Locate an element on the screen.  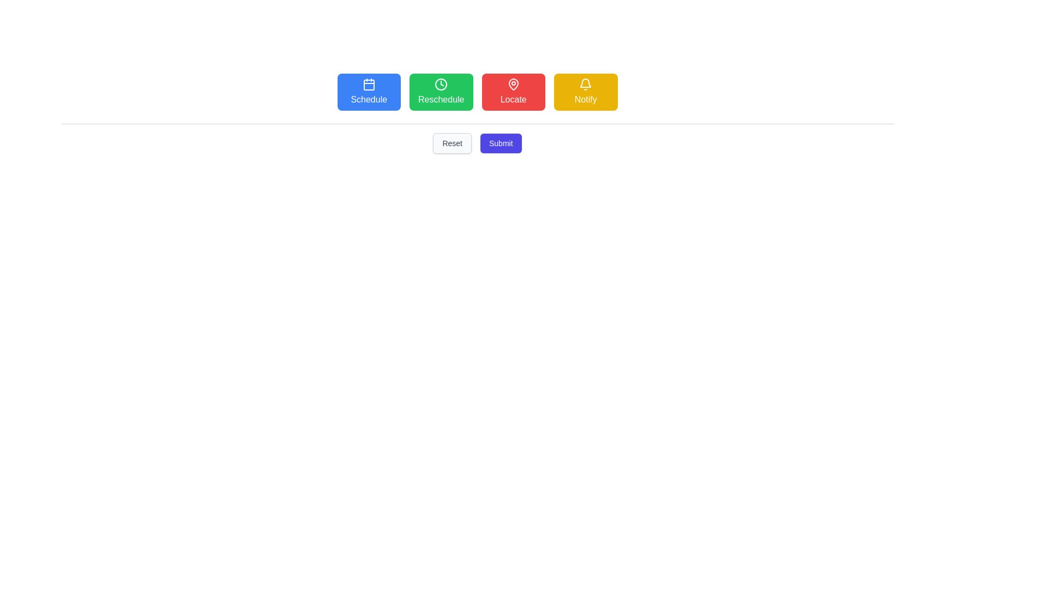
the blue calendar icon located in the top left corner of the blue 'Schedule' button is located at coordinates (369, 83).